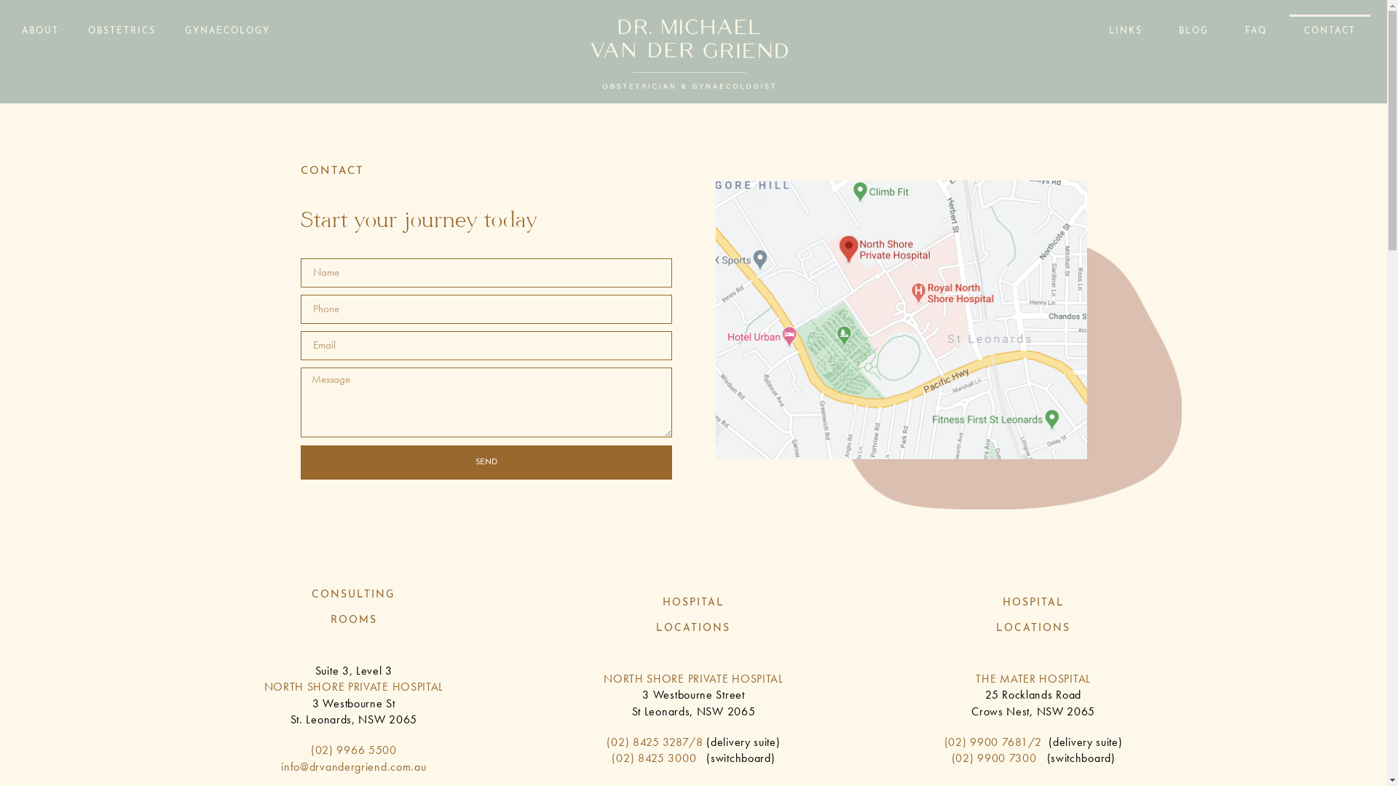 This screenshot has width=1398, height=786. Describe the element at coordinates (1032, 678) in the screenshot. I see `'THE MATER HOSPITAL'` at that location.